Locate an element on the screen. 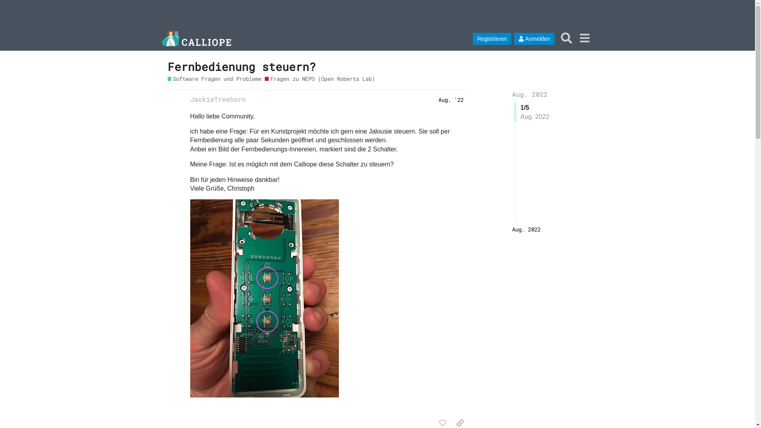  'Fragen zu NEPO (Open Roberta Lab)' is located at coordinates (264, 78).